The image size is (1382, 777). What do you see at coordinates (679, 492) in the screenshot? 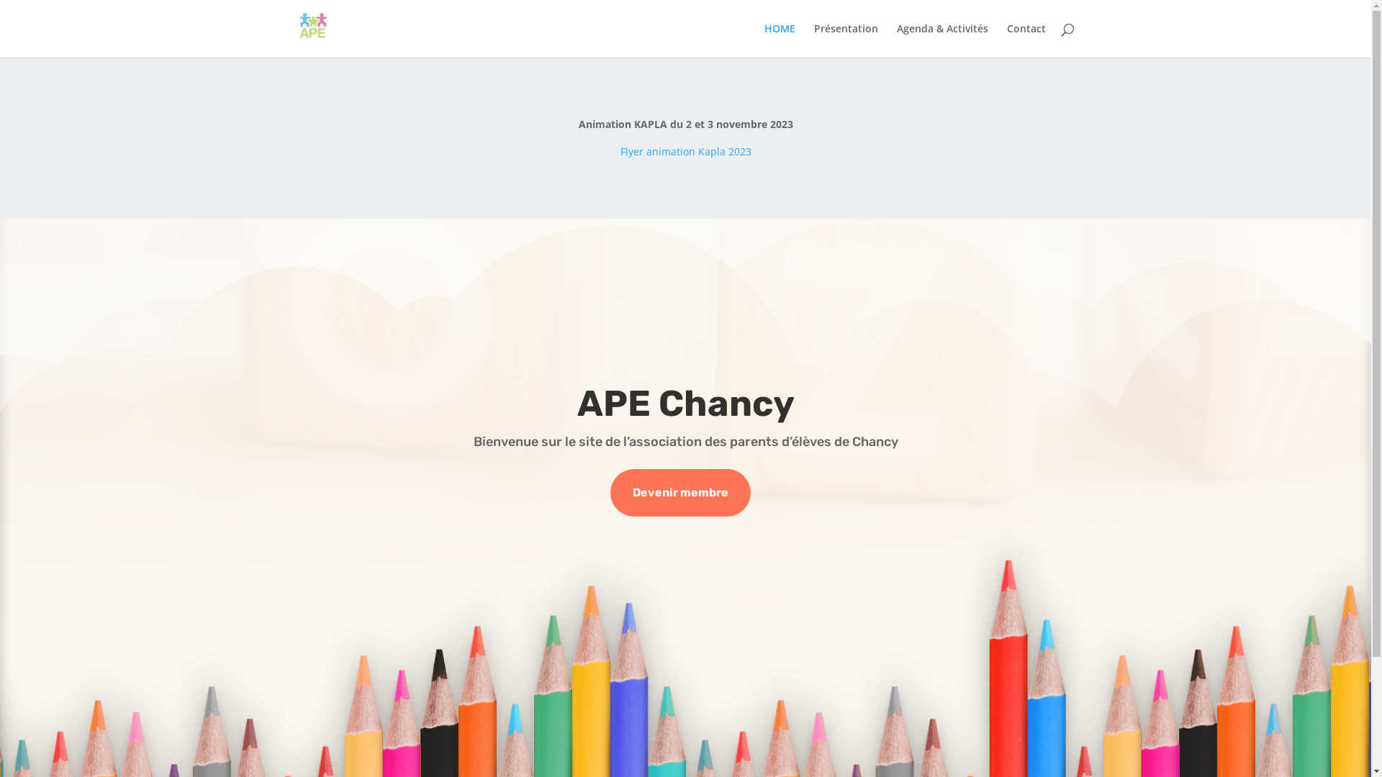
I see `'Devenir membre'` at bounding box center [679, 492].